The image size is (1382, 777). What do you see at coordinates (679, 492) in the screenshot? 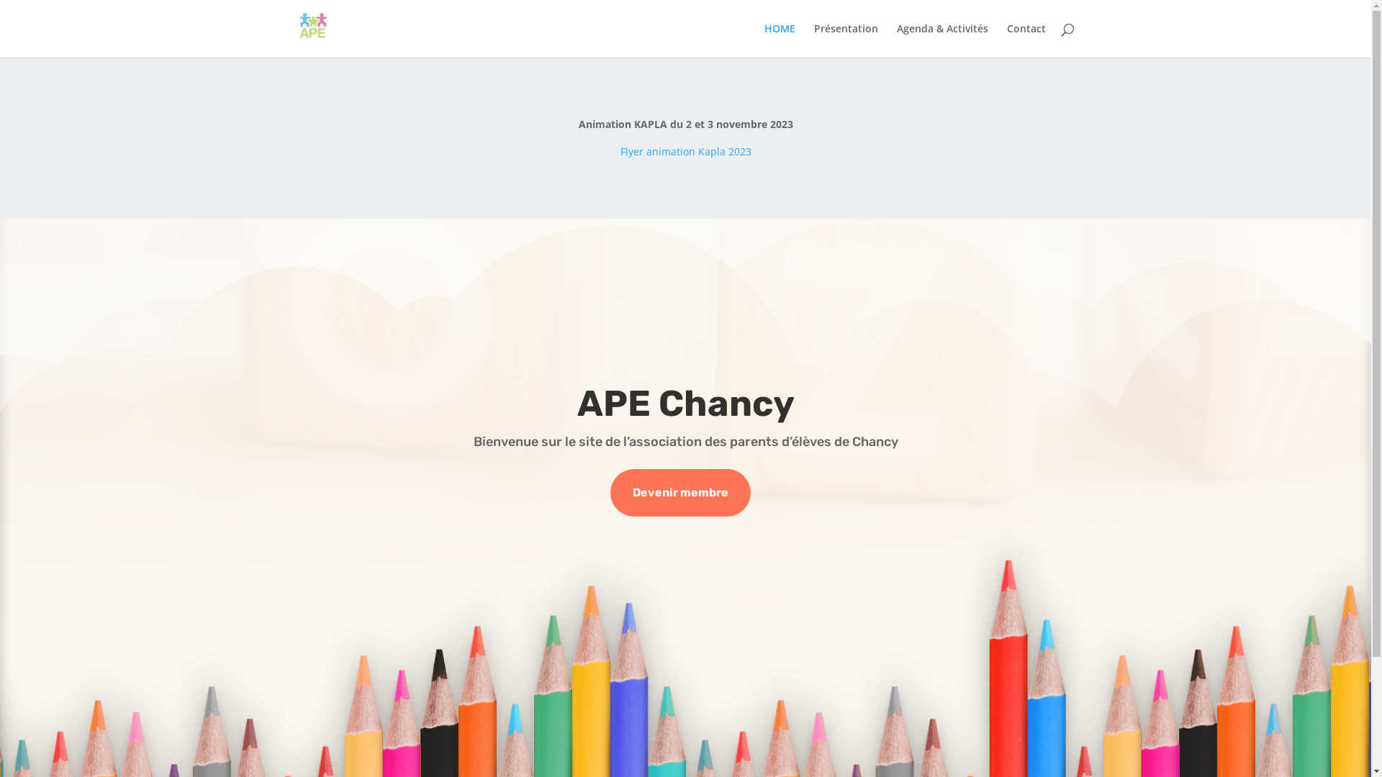
I see `'Devenir membre'` at bounding box center [679, 492].